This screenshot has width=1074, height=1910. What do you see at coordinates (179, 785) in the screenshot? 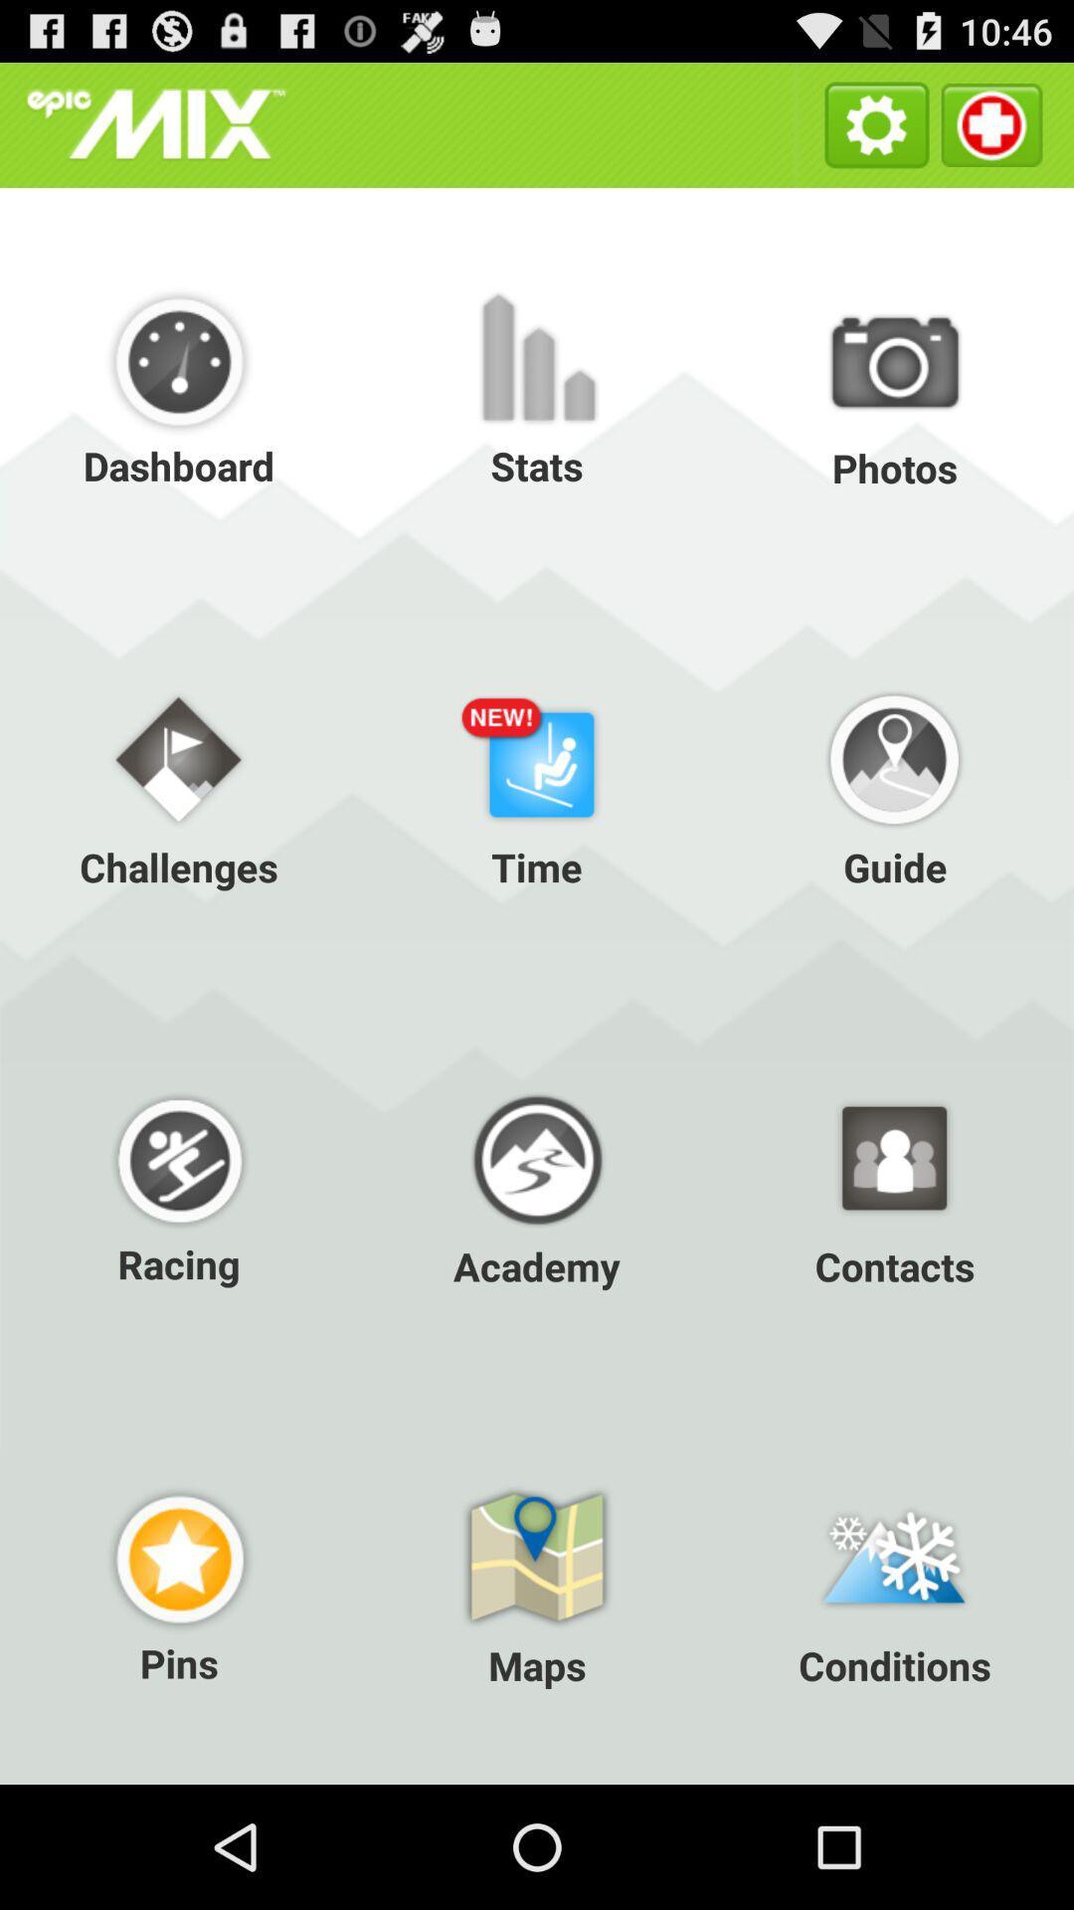
I see `challenges item` at bounding box center [179, 785].